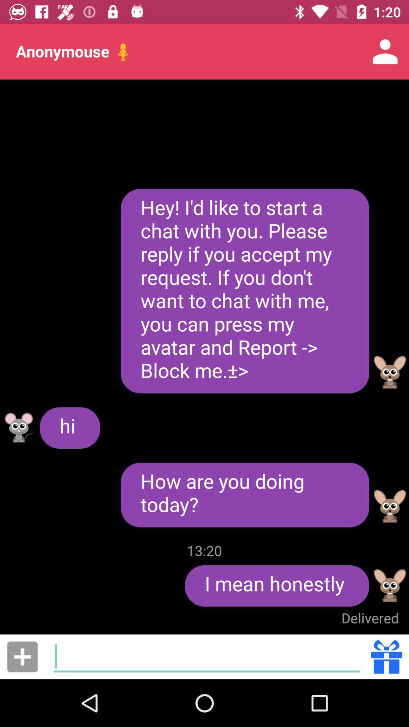  Describe the element at coordinates (277, 585) in the screenshot. I see `icon above delivered item` at that location.